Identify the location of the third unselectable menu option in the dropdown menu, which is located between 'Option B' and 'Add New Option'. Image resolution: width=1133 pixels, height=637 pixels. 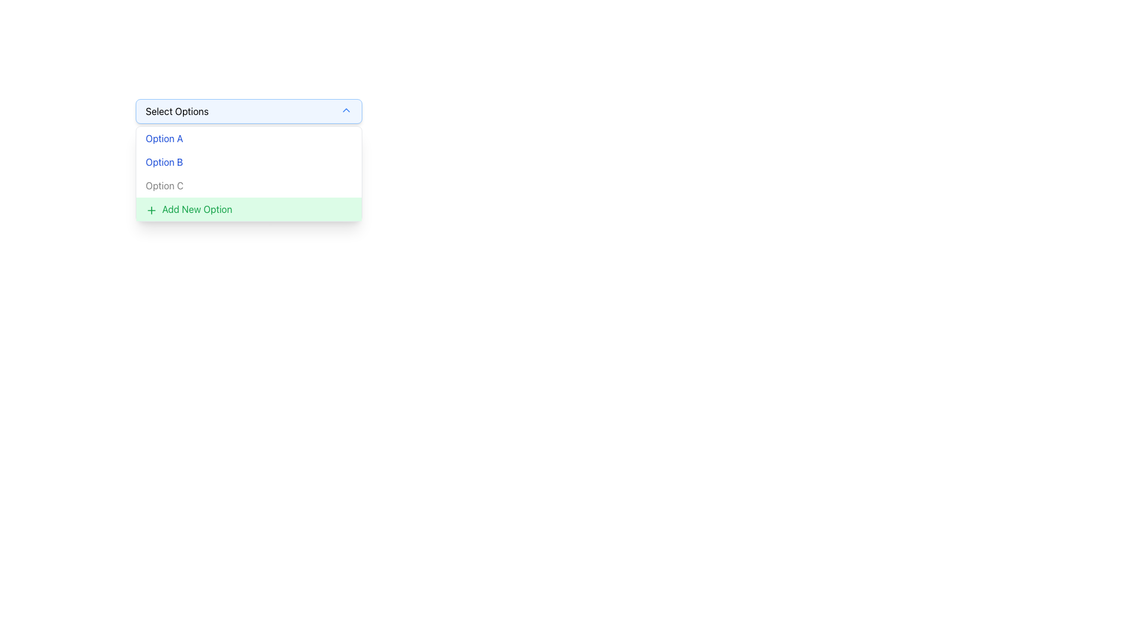
(248, 186).